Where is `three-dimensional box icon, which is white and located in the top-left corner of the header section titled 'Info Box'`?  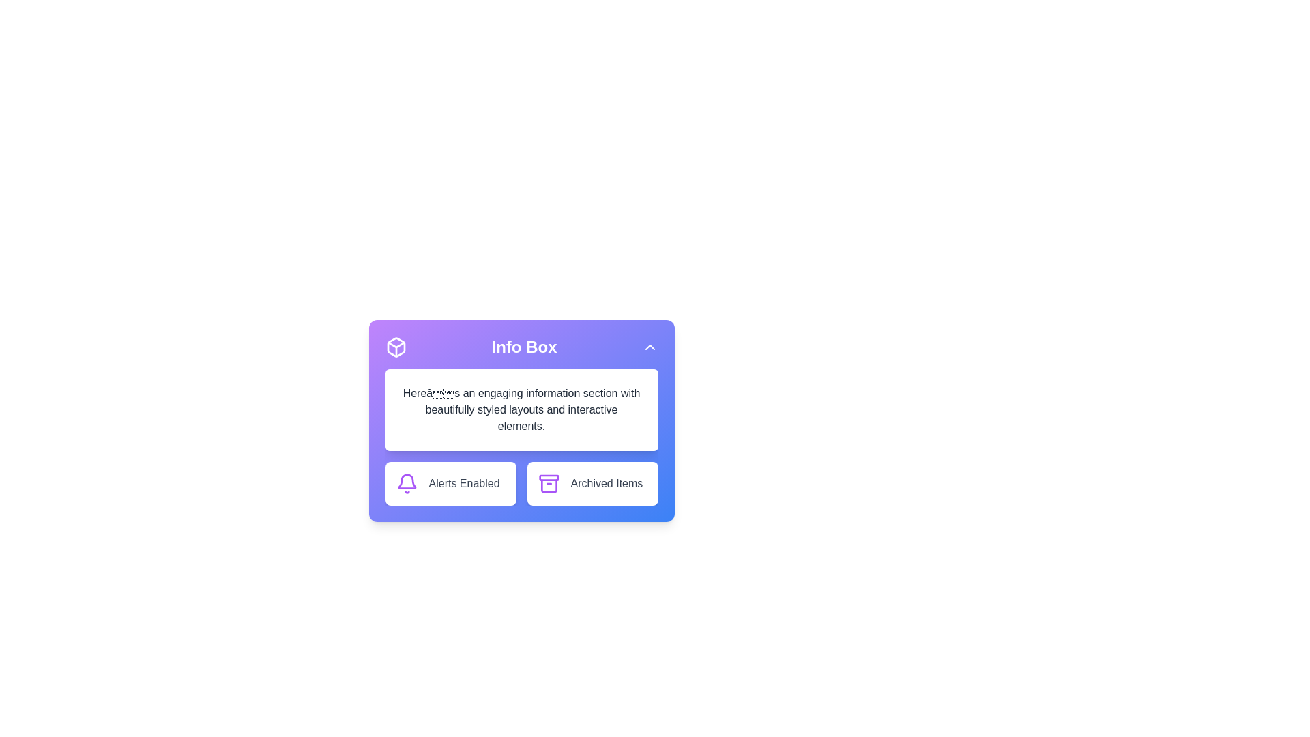
three-dimensional box icon, which is white and located in the top-left corner of the header section titled 'Info Box' is located at coordinates (395, 347).